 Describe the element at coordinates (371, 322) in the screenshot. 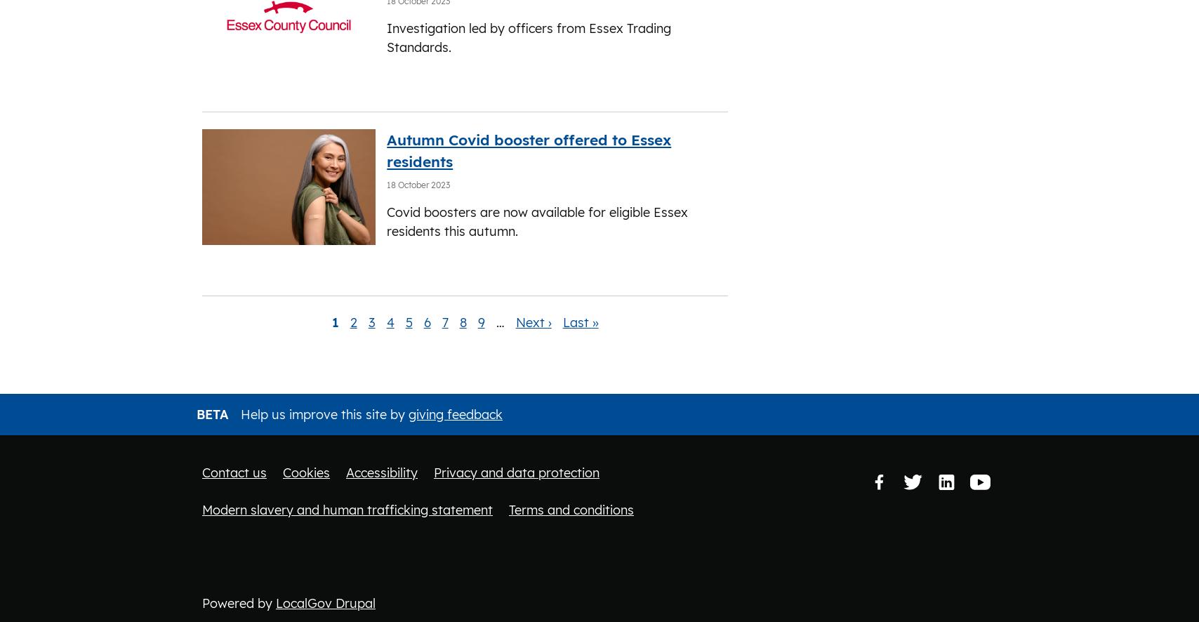

I see `'3'` at that location.